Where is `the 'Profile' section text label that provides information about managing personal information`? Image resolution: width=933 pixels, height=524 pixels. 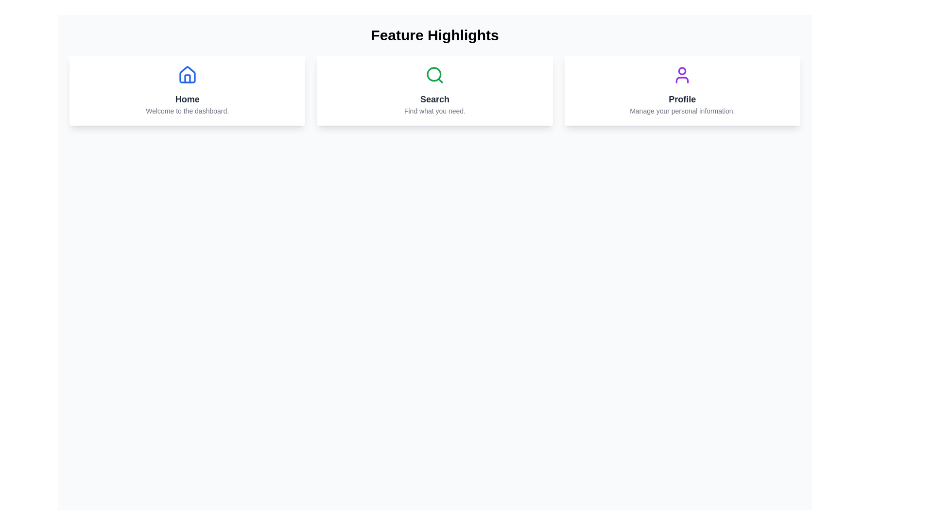 the 'Profile' section text label that provides information about managing personal information is located at coordinates (682, 110).